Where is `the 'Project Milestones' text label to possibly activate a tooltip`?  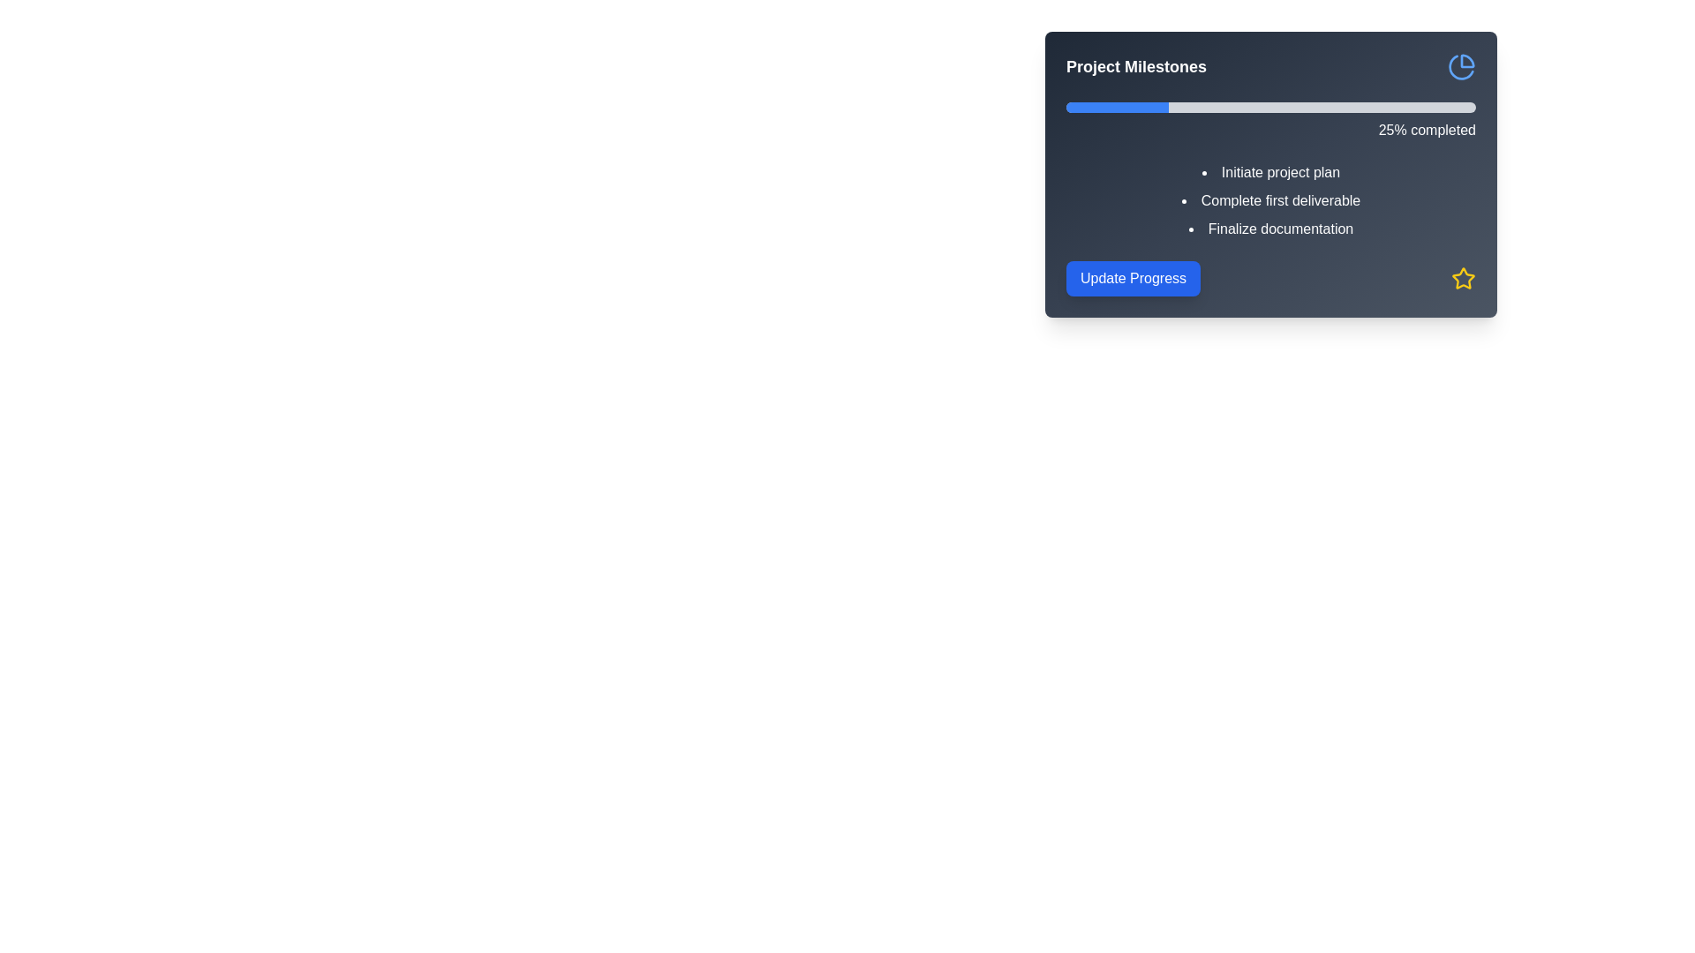 the 'Project Milestones' text label to possibly activate a tooltip is located at coordinates (1136, 66).